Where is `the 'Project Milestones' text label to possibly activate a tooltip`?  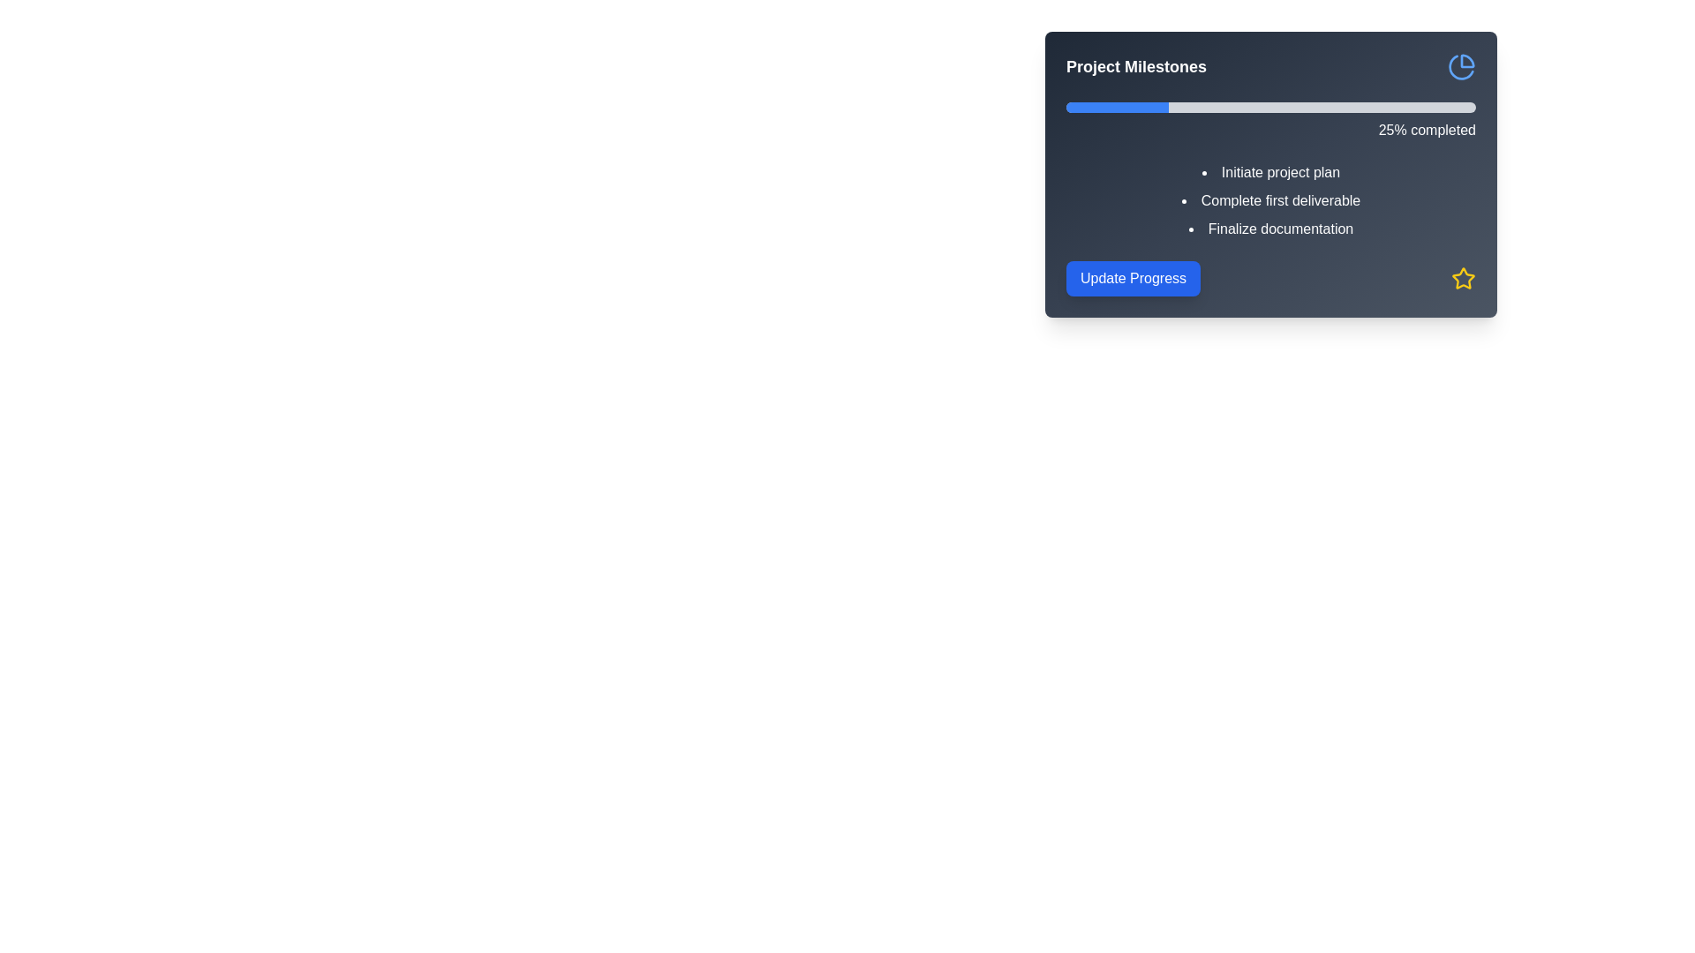 the 'Project Milestones' text label to possibly activate a tooltip is located at coordinates (1136, 66).